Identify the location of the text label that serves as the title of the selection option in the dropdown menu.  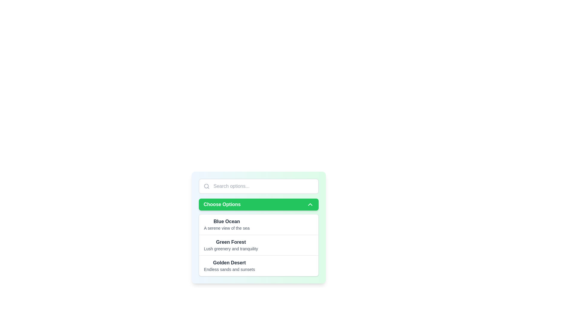
(229, 263).